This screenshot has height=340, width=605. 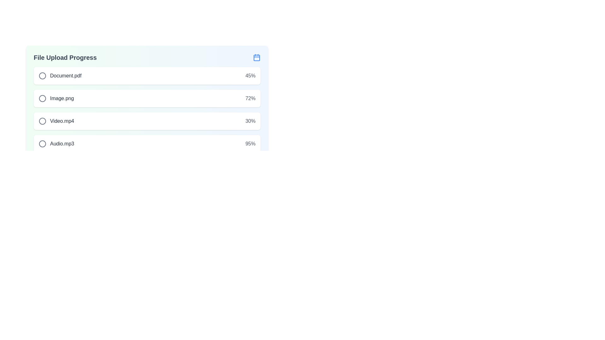 What do you see at coordinates (65, 57) in the screenshot?
I see `the text label indicating file upload progress tracking, which is positioned to the left of a blue calendar icon` at bounding box center [65, 57].